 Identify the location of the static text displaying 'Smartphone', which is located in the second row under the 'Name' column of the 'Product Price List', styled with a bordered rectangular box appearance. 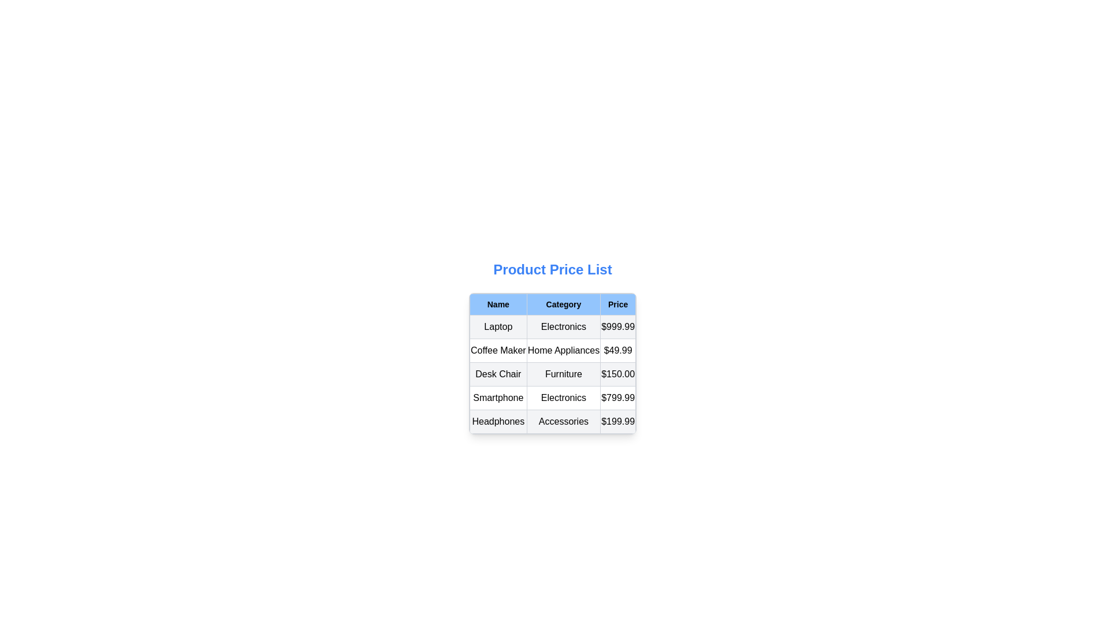
(498, 398).